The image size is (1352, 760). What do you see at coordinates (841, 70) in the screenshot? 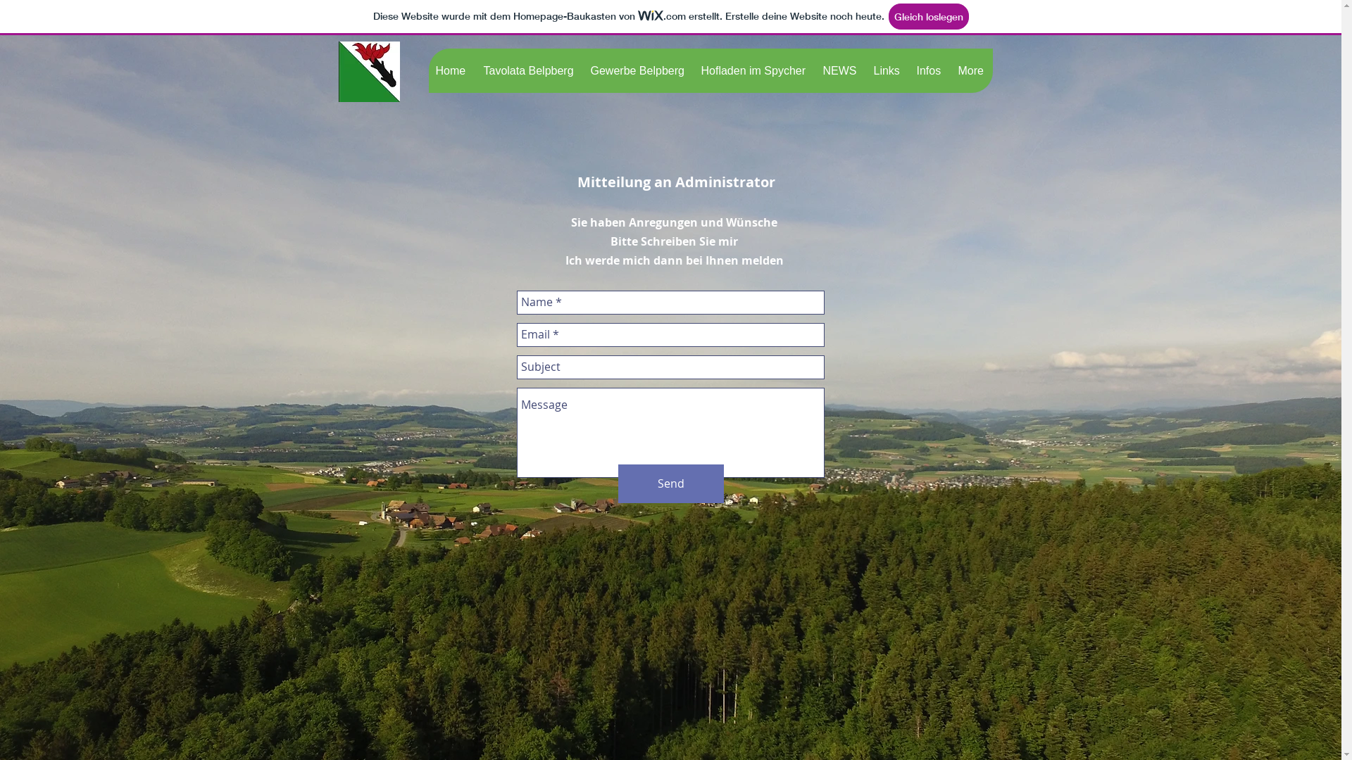
I see `'NEWS'` at bounding box center [841, 70].